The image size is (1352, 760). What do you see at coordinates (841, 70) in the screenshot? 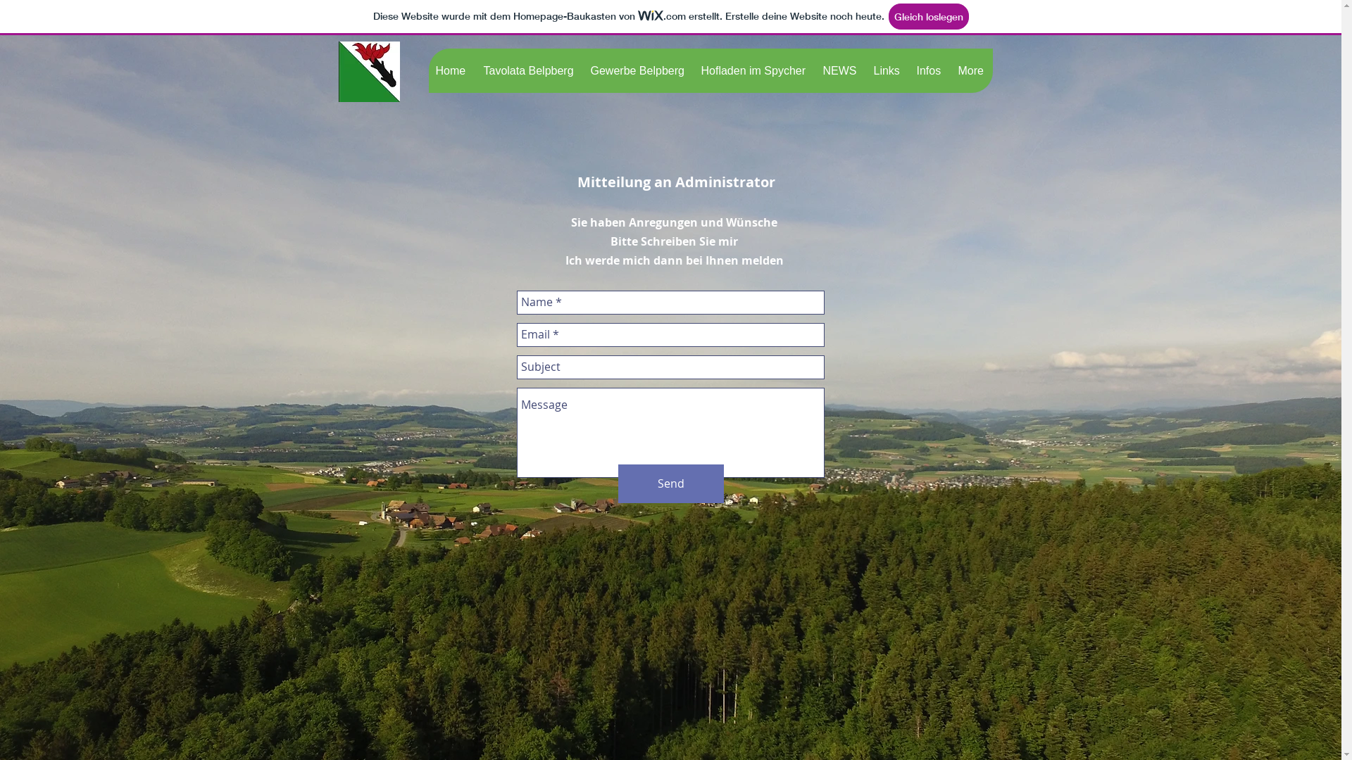
I see `'NEWS'` at bounding box center [841, 70].